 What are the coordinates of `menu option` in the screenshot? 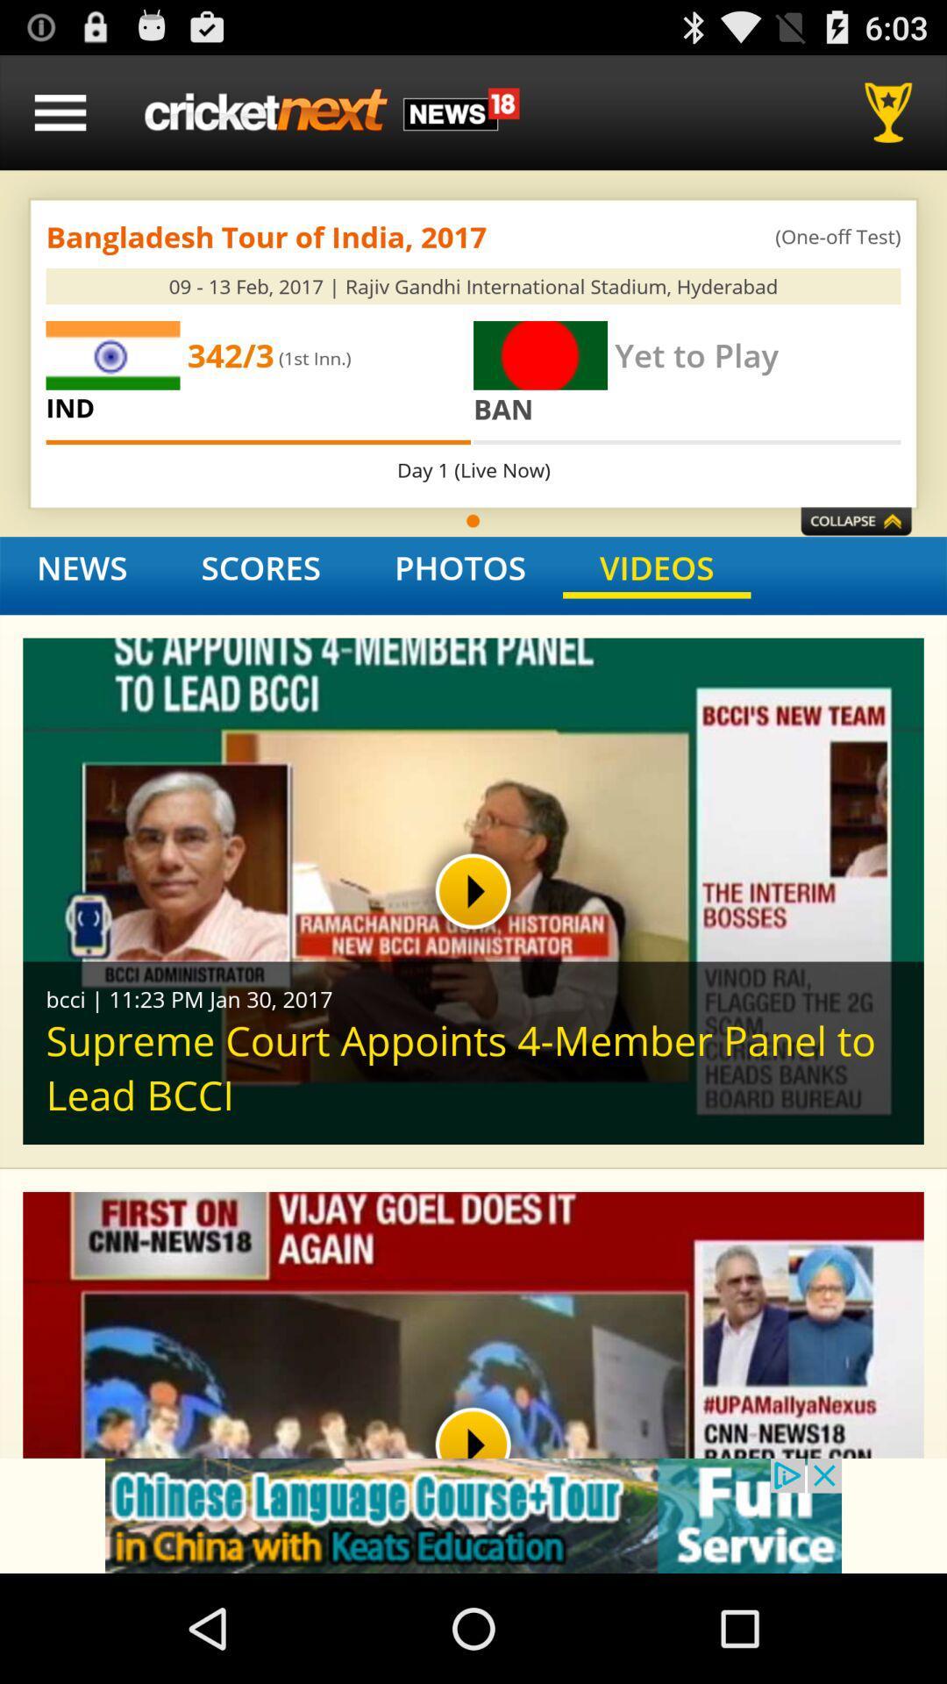 It's located at (60, 111).